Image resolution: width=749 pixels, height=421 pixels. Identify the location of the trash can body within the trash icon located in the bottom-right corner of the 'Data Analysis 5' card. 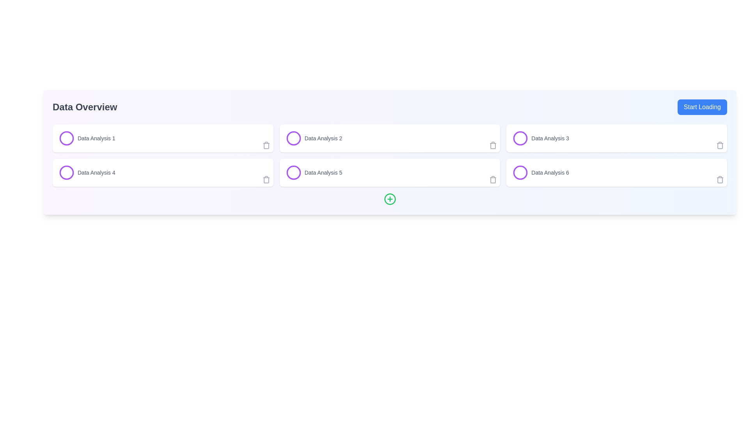
(493, 180).